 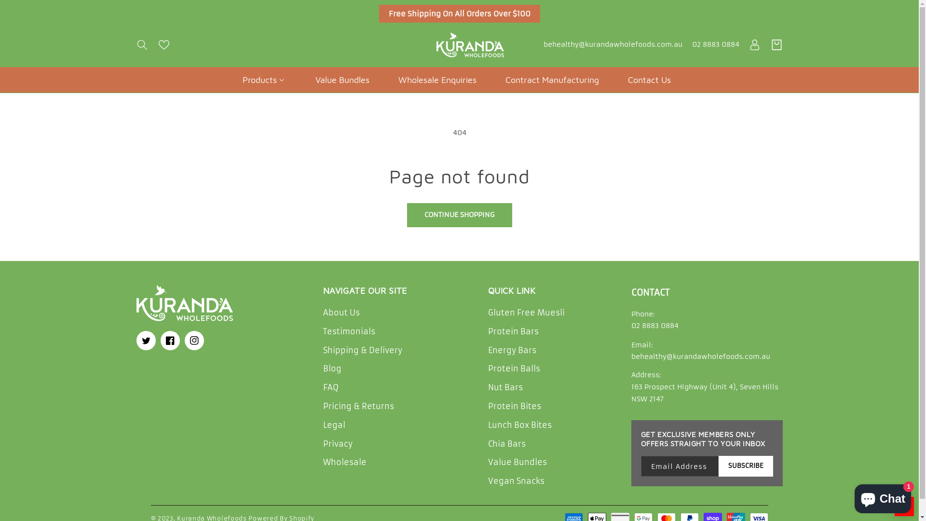 What do you see at coordinates (193, 340) in the screenshot?
I see `'Instagram'` at bounding box center [193, 340].